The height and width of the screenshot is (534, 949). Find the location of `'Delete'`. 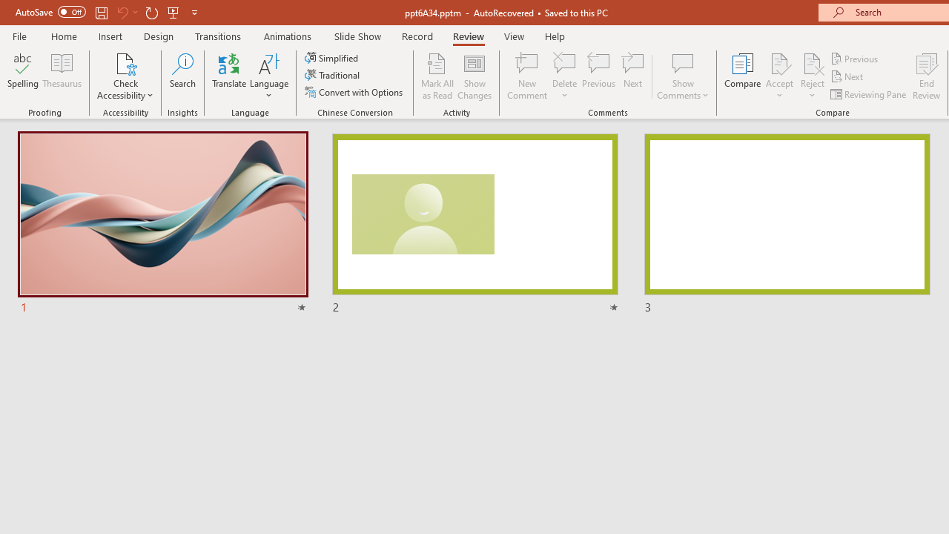

'Delete' is located at coordinates (564, 76).